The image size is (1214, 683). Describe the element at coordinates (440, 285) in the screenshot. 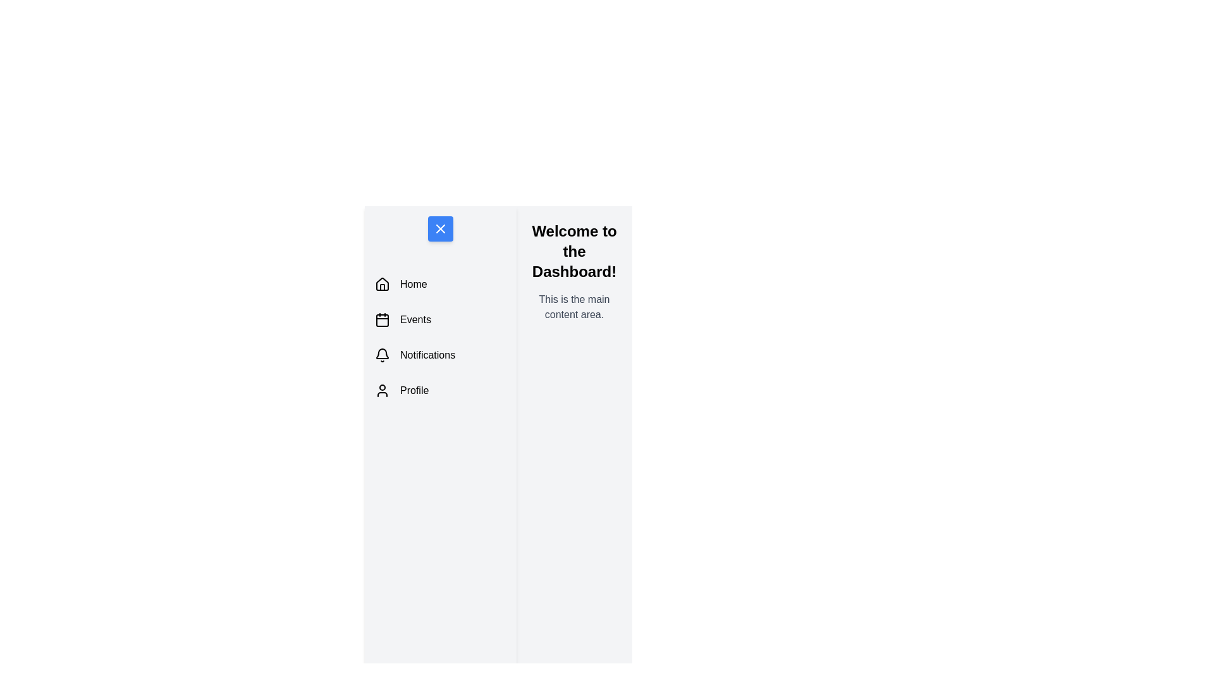

I see `the first navigation item in the vertical menu on the left sidebar` at that location.